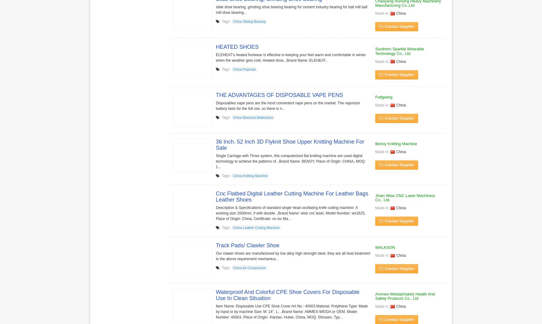  Describe the element at coordinates (287, 105) in the screenshot. I see `'Disposables vape pens are the most convenient vape pens on the market. The vaporizer battery lasts for the full use, so there is n...'` at that location.